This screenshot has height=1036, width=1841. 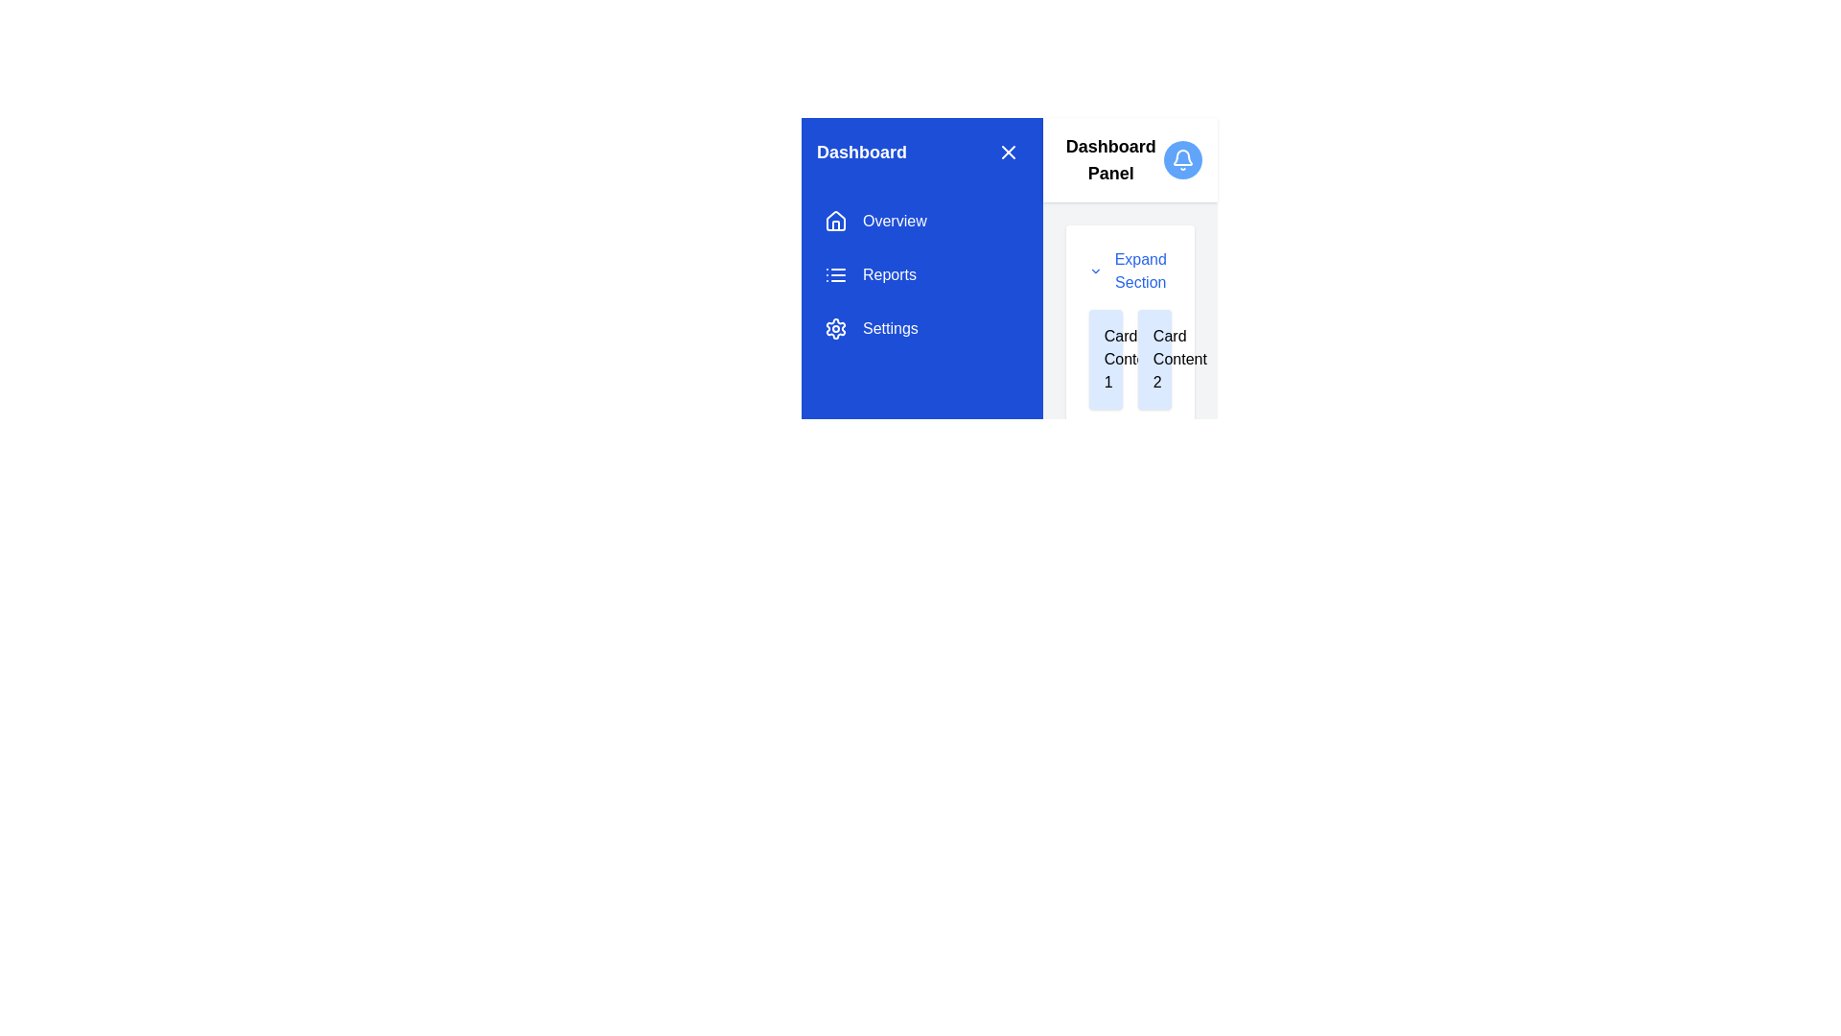 What do you see at coordinates (1007, 151) in the screenshot?
I see `the small 'X' icon styled in white on a blue background, located at the top-right corner of the sidebar labeled 'Dashboard'` at bounding box center [1007, 151].